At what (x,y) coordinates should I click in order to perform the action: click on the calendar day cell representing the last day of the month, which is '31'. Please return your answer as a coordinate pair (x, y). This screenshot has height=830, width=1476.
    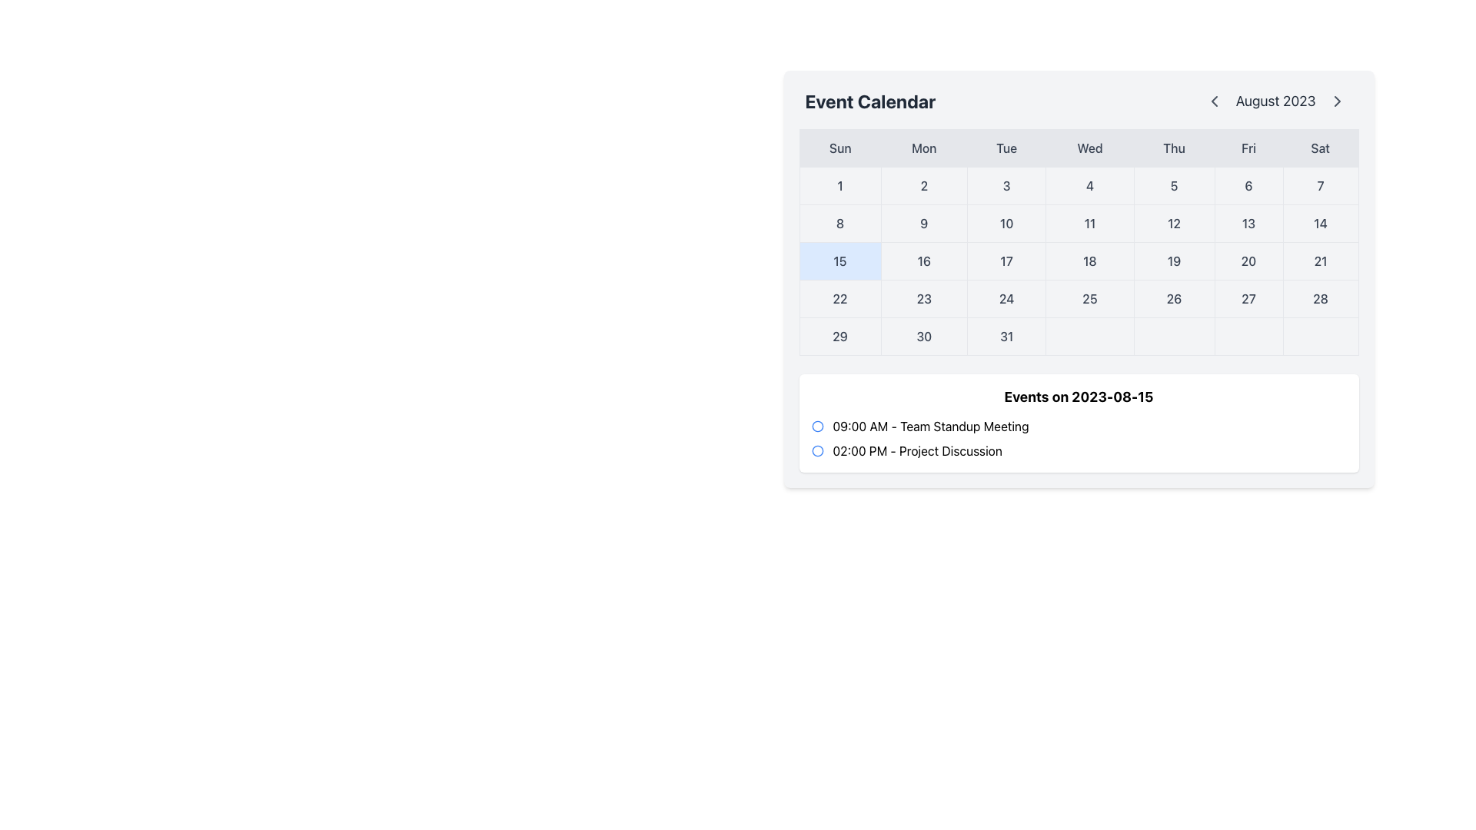
    Looking at the image, I should click on (1078, 336).